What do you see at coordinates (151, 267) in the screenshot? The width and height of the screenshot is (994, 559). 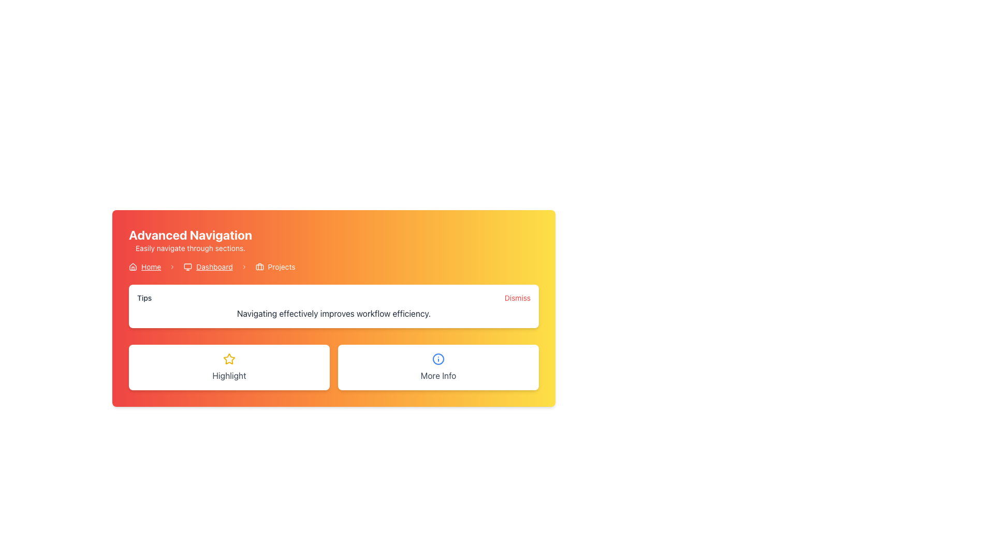 I see `the hyperlink in the navigation bar that allows users to return to the homepage, positioned after the house-shaped icon and before 'Dashboard'` at bounding box center [151, 267].